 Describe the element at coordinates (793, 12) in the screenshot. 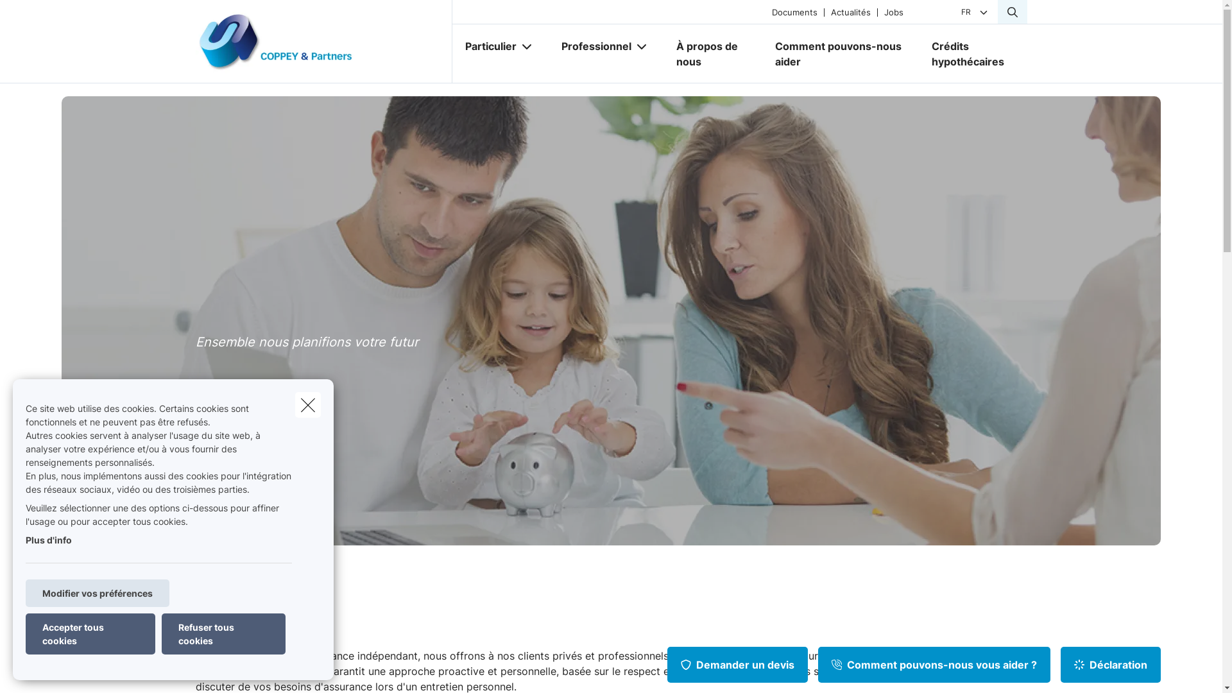

I see `'Documents'` at that location.